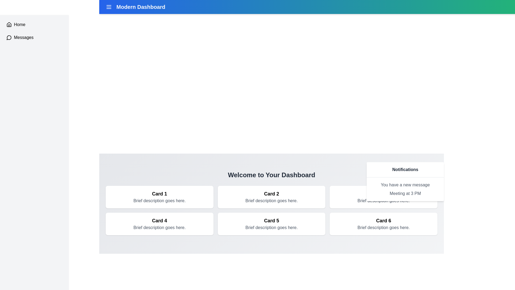 This screenshot has width=515, height=290. I want to click on the hamburger menu icon located on the left side of the top navigation bar, so click(109, 7).